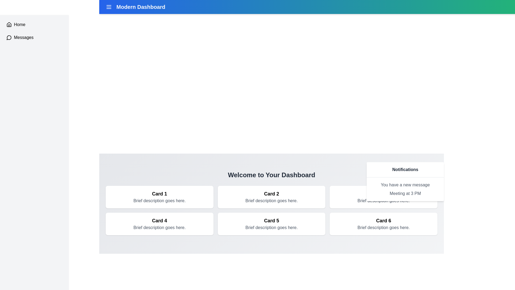 This screenshot has width=515, height=290. I want to click on the hamburger menu icon located on the left side of the top navigation bar, so click(109, 7).